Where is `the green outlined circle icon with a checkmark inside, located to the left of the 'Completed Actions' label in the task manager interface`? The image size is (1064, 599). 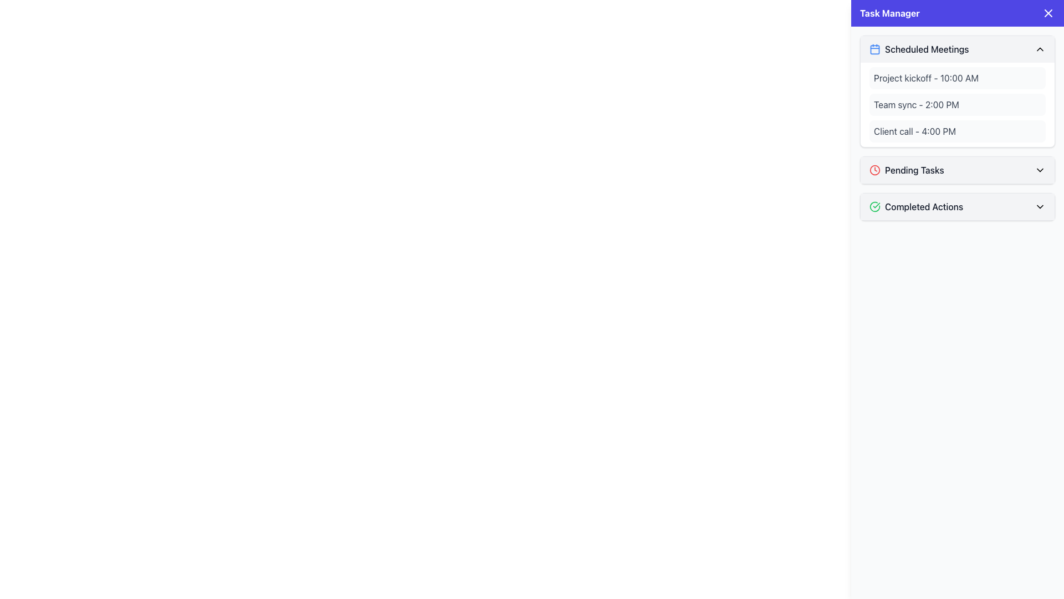
the green outlined circle icon with a checkmark inside, located to the left of the 'Completed Actions' label in the task manager interface is located at coordinates (874, 207).